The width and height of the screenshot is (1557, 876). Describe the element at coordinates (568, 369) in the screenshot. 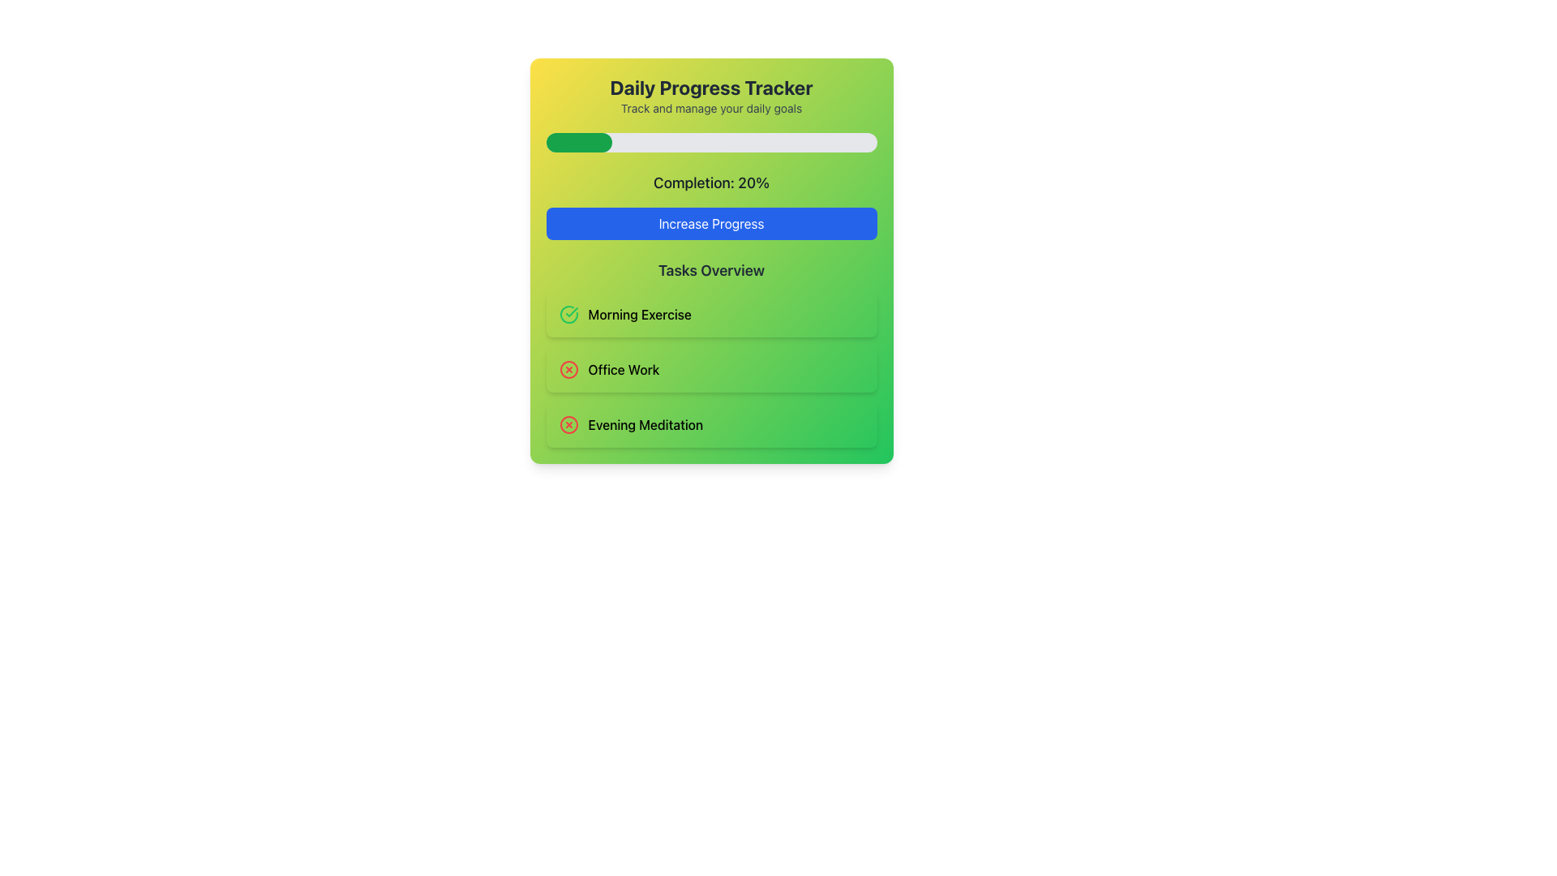

I see `the Circle with cross indicator for the 'Office Work' task in the 'Tasks Overview' section to visually check its status` at that location.